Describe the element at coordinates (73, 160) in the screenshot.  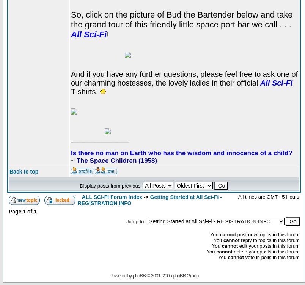
I see `'~'` at that location.